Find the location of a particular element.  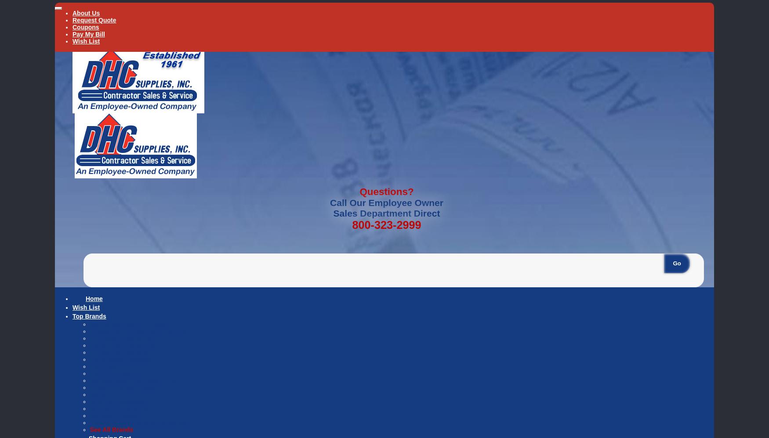

'About Us' is located at coordinates (86, 13).